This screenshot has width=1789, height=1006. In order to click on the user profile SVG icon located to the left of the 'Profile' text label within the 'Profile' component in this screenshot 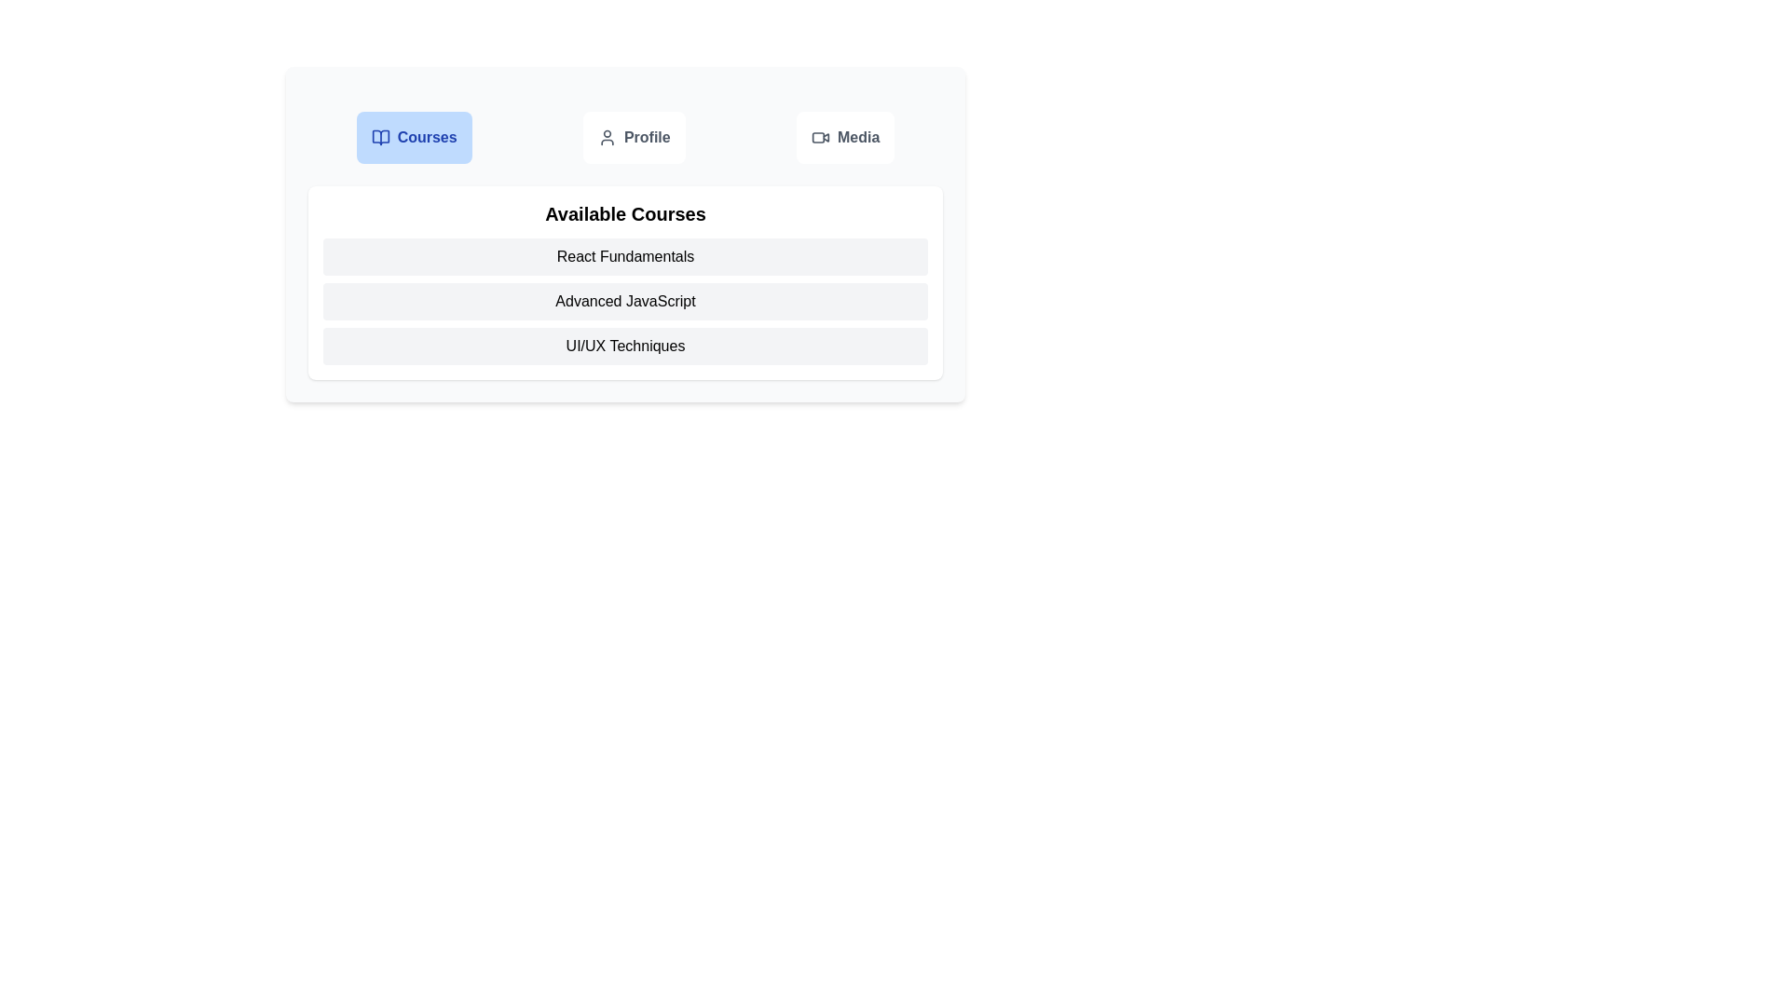, I will do `click(607, 136)`.